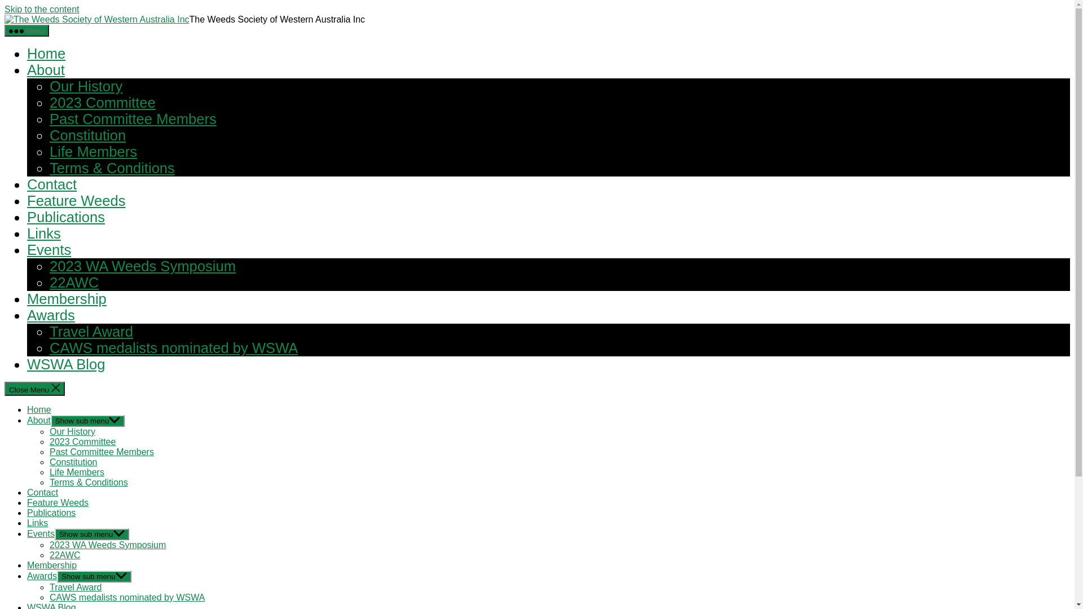  Describe the element at coordinates (49, 151) in the screenshot. I see `'Life Members'` at that location.